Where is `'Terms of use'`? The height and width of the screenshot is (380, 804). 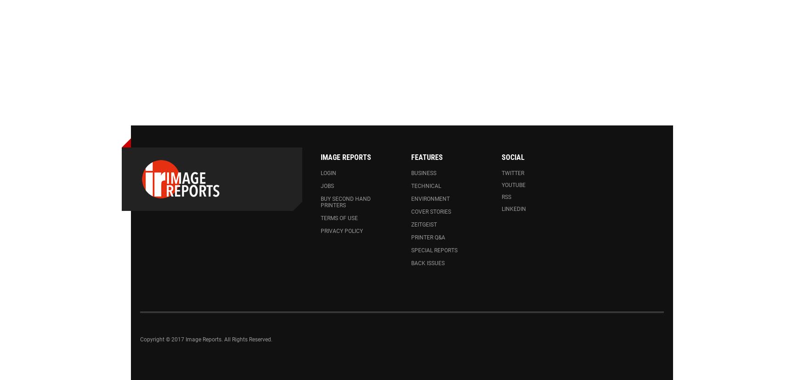
'Terms of use' is located at coordinates (339, 218).